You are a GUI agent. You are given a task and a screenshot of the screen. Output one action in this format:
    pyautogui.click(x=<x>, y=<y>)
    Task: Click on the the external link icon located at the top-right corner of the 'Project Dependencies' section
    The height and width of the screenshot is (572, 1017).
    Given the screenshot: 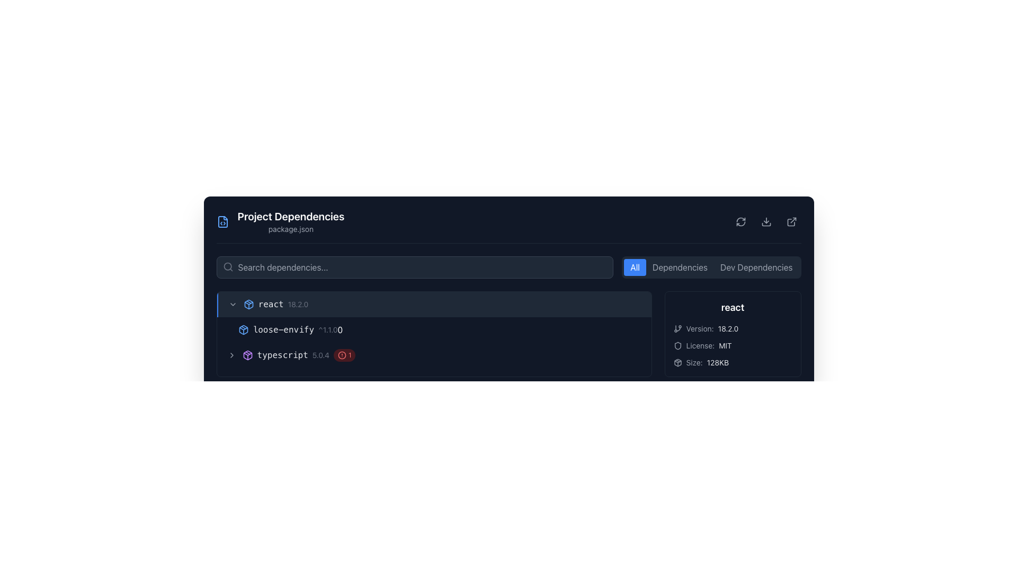 What is the action you would take?
    pyautogui.click(x=791, y=221)
    